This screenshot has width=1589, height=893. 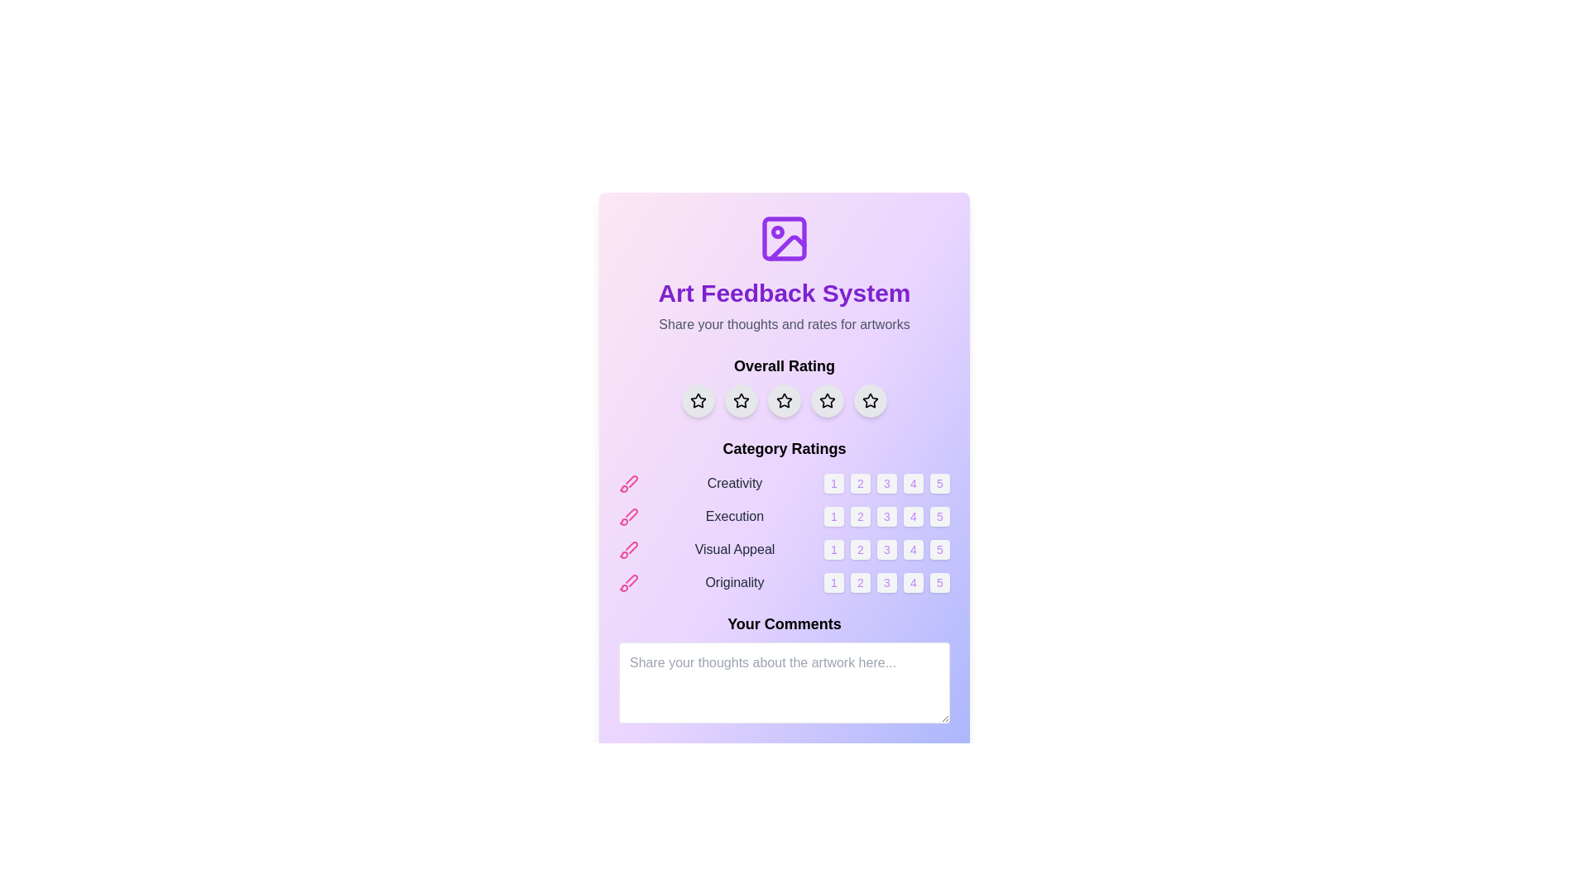 I want to click on one of the star-shaped icons in the 'Overall Rating' section to assign a rating, so click(x=784, y=385).